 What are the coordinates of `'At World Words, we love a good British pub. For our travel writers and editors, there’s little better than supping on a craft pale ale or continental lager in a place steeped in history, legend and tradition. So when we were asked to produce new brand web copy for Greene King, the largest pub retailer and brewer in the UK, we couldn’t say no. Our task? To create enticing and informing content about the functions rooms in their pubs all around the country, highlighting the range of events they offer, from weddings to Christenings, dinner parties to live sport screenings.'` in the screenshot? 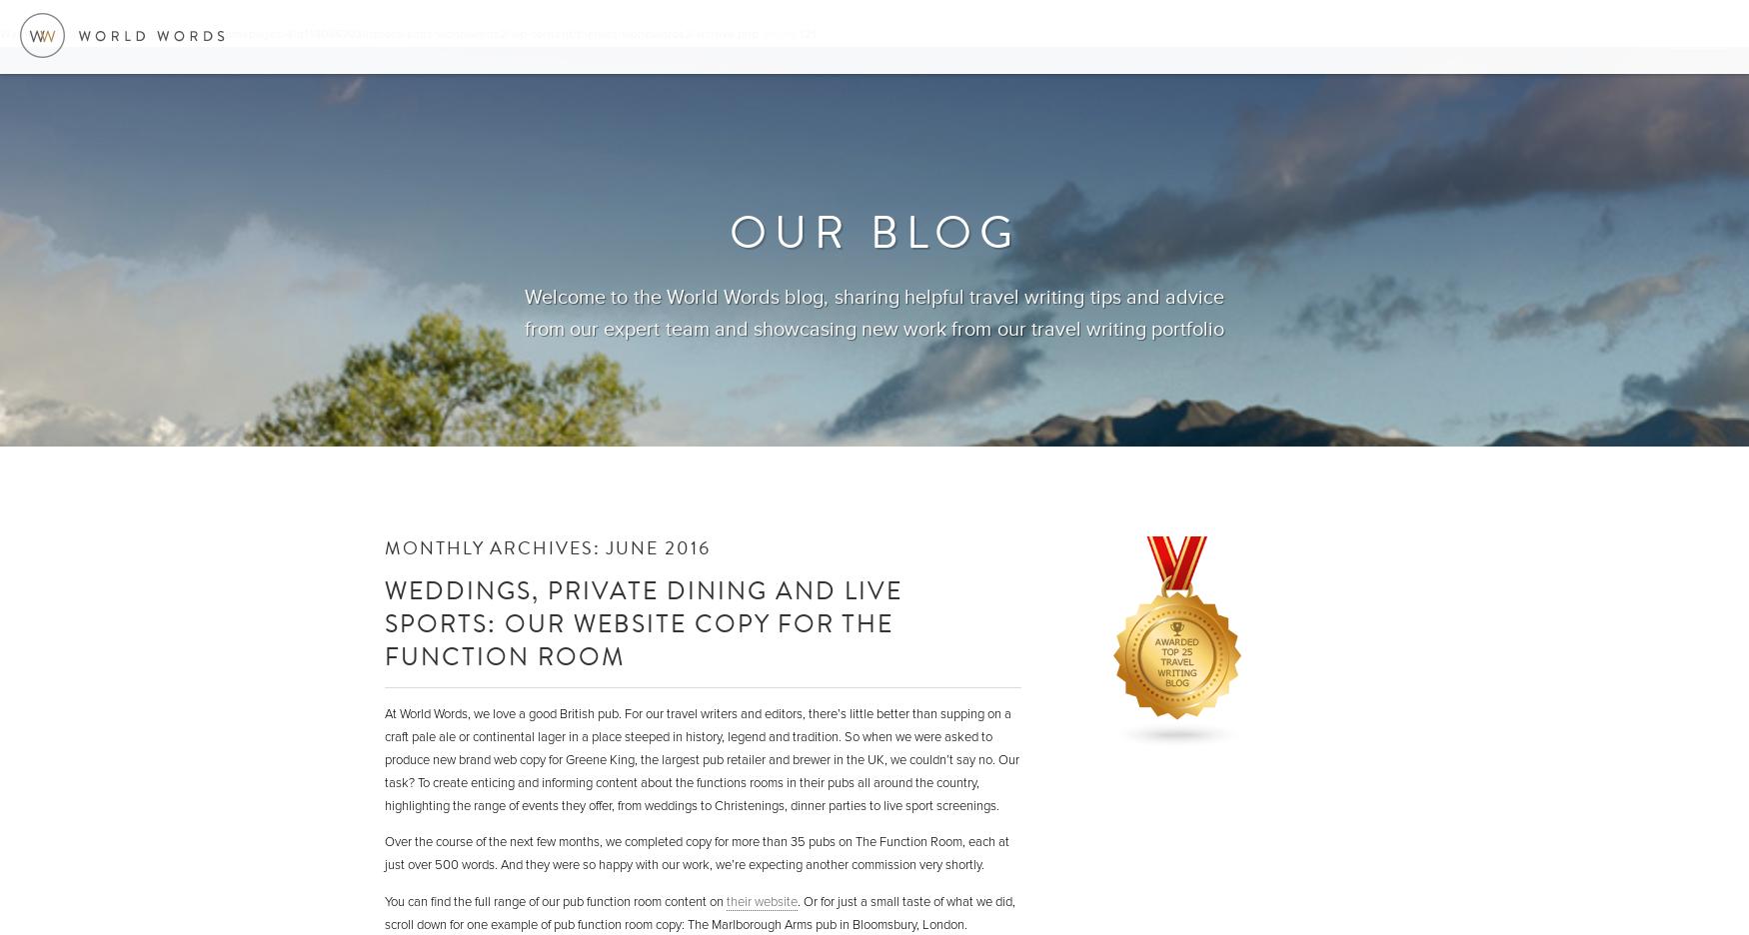 It's located at (702, 759).